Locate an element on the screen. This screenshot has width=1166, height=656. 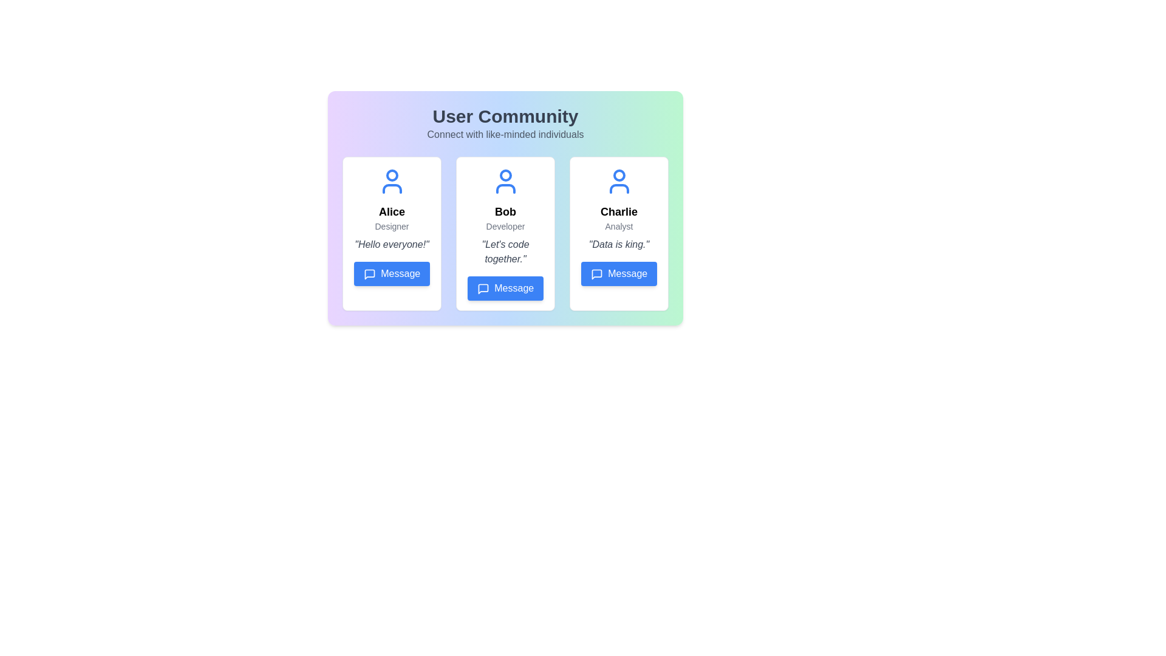
bold, large-sized gray text 'User Community' prominently displayed at the top of the interface is located at coordinates (505, 117).